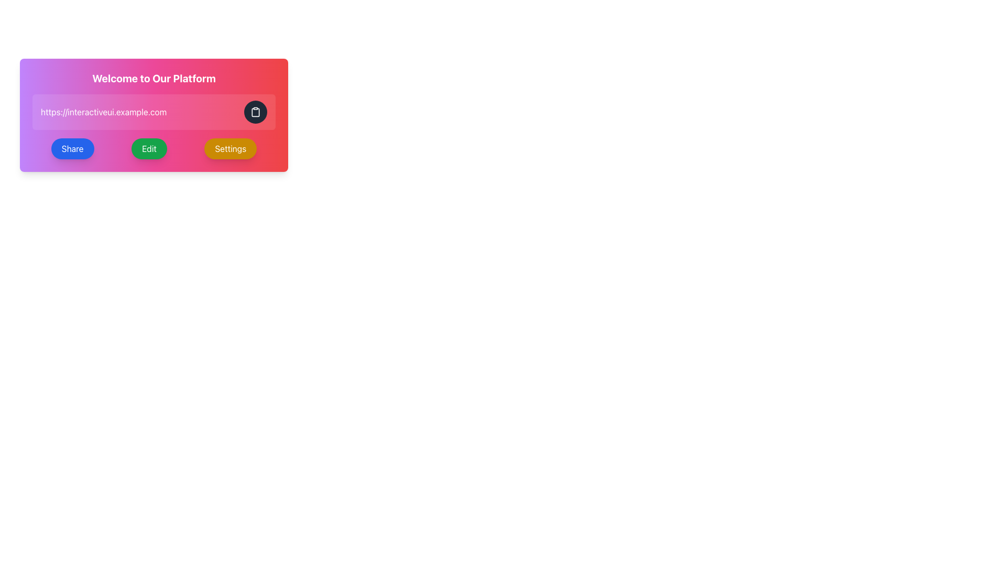  What do you see at coordinates (142, 112) in the screenshot?
I see `the read-only text input field that displays the URL` at bounding box center [142, 112].